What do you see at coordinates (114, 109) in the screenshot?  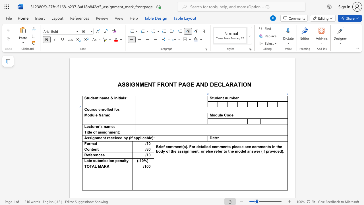 I see `the 1th character "f" in the text` at bounding box center [114, 109].